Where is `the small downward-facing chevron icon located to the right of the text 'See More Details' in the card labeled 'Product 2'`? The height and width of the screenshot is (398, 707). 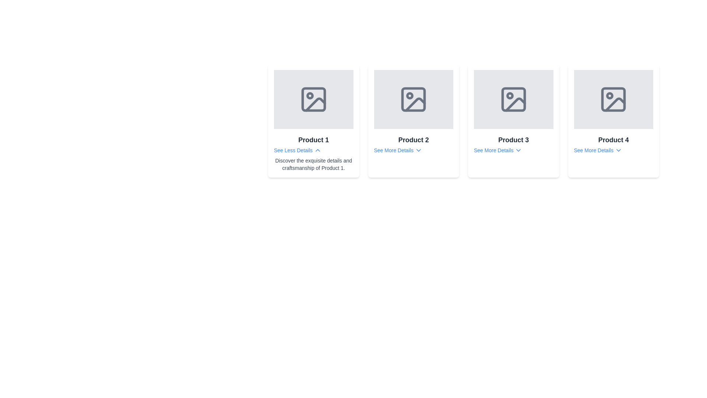
the small downward-facing chevron icon located to the right of the text 'See More Details' in the card labeled 'Product 2' is located at coordinates (418, 150).